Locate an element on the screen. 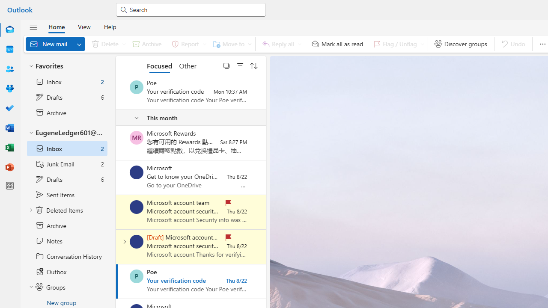  'People' is located at coordinates (10, 69).